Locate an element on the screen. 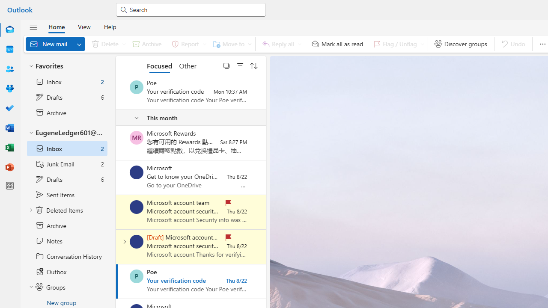  'People' is located at coordinates (10, 69).